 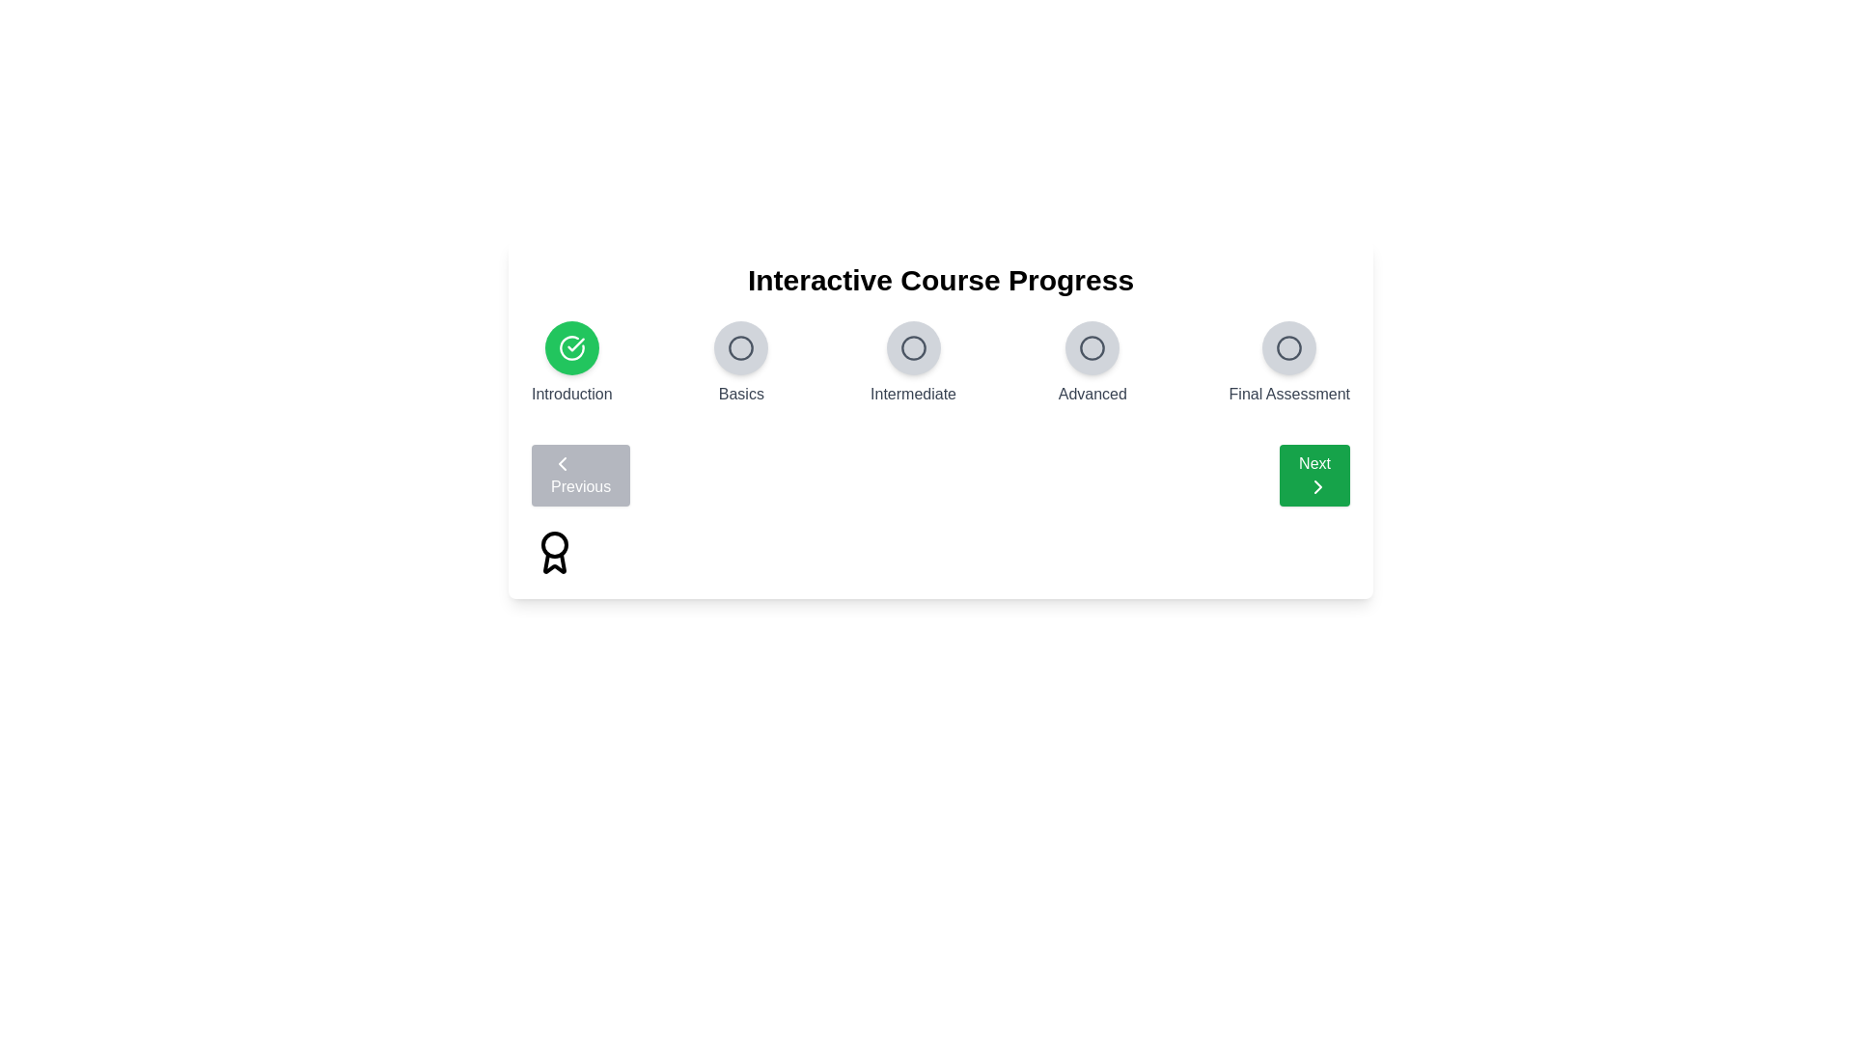 What do you see at coordinates (1289, 348) in the screenshot?
I see `the Circular Progress Step, which is a circular icon with a gray background and a darker gray central border, located in the 'Final Assessment' section of the progress indicator` at bounding box center [1289, 348].